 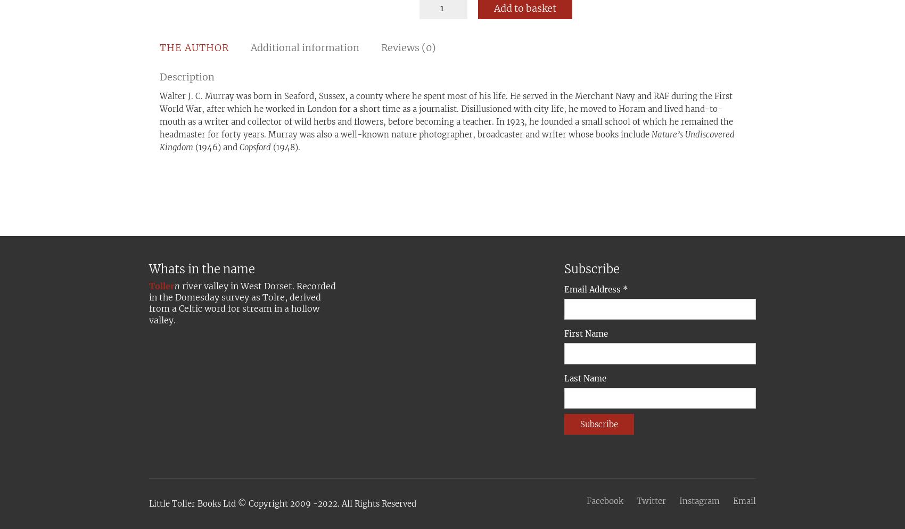 I want to click on 'Last Name', so click(x=585, y=377).